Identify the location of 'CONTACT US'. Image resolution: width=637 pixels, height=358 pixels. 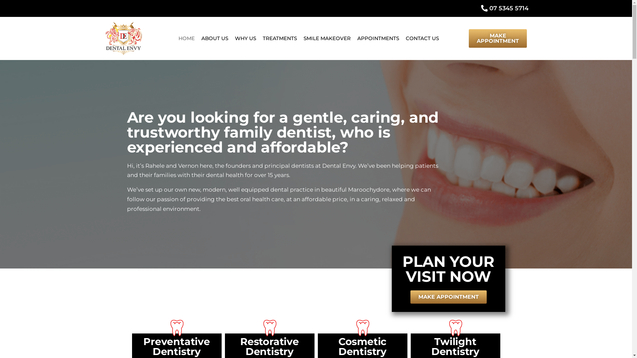
(422, 38).